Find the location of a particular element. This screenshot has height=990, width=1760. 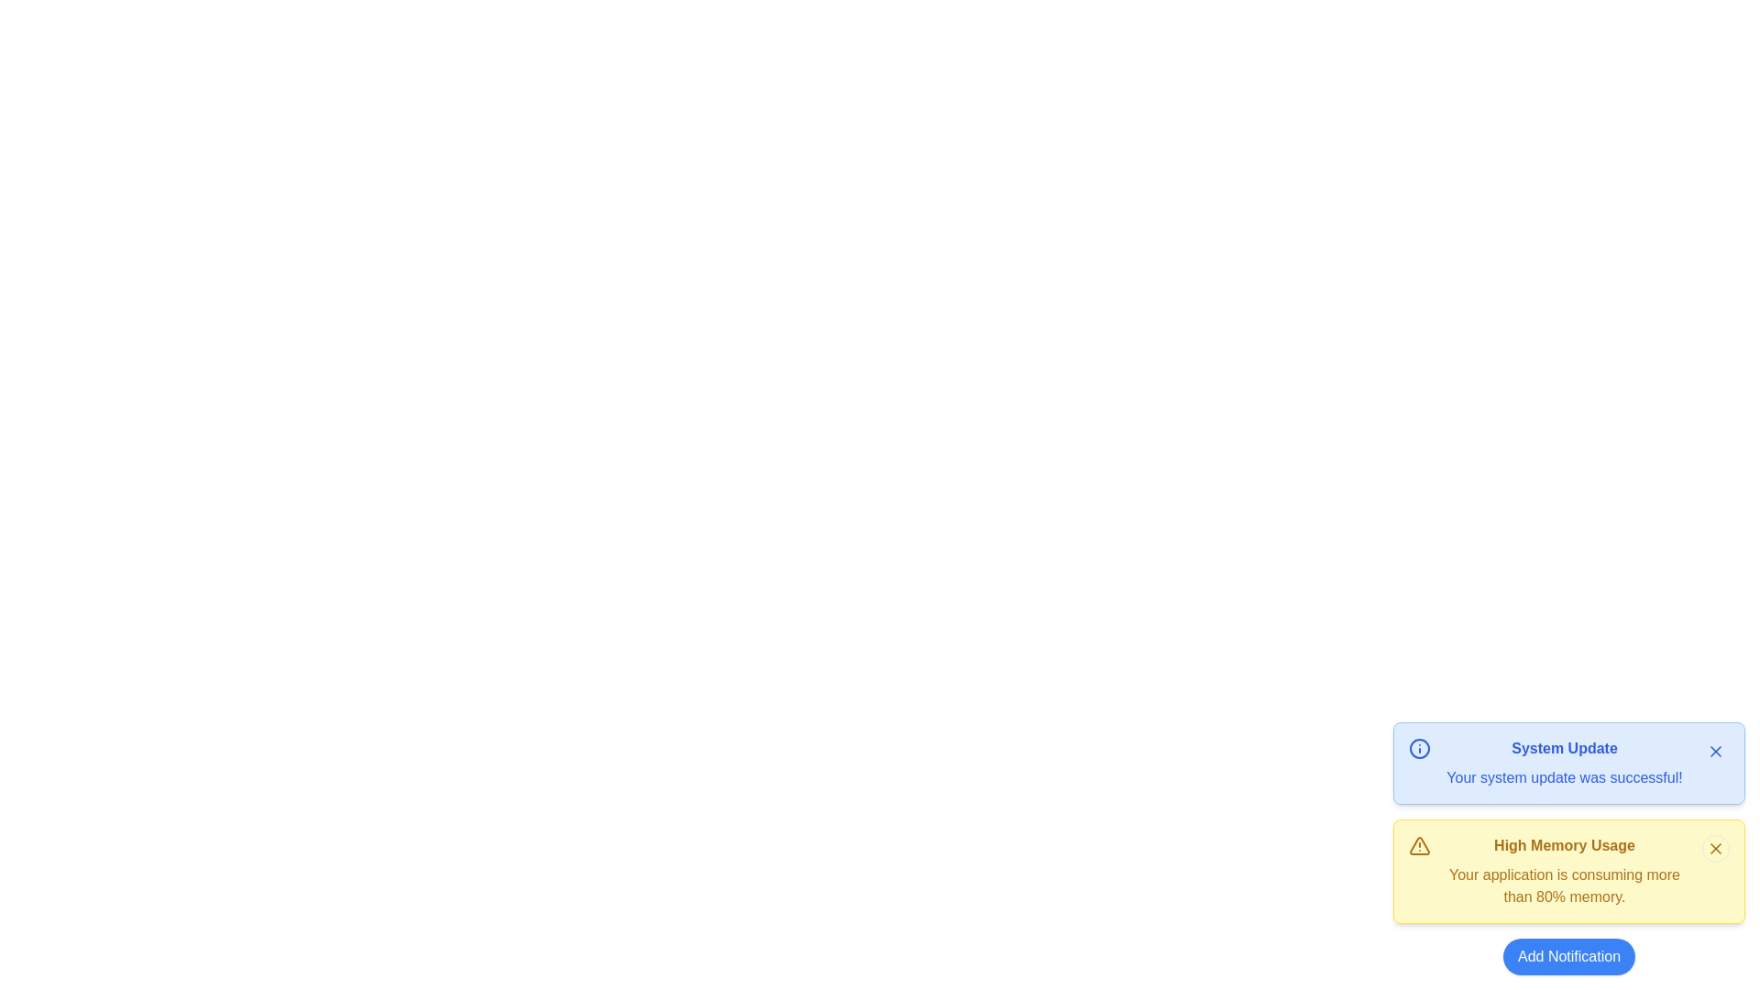

the text block that displays 'High Memory Usage' with additional information about memory consumption to potentially display a tooltip is located at coordinates (1564, 871).